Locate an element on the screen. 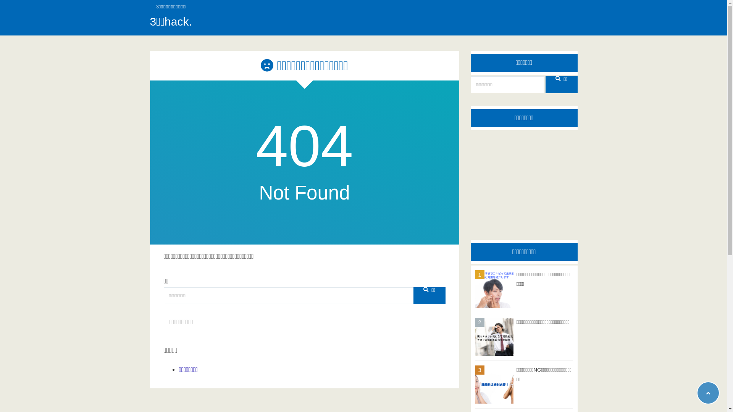 Image resolution: width=733 pixels, height=412 pixels. 'Advertisement' is located at coordinates (523, 179).